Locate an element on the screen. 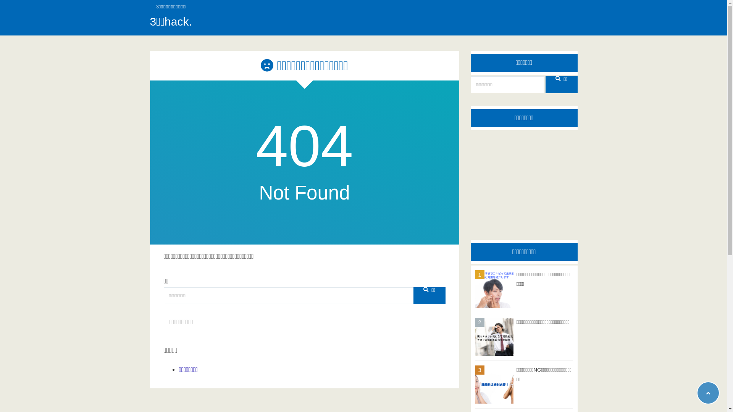 Image resolution: width=733 pixels, height=412 pixels. 'Advertisement' is located at coordinates (523, 179).